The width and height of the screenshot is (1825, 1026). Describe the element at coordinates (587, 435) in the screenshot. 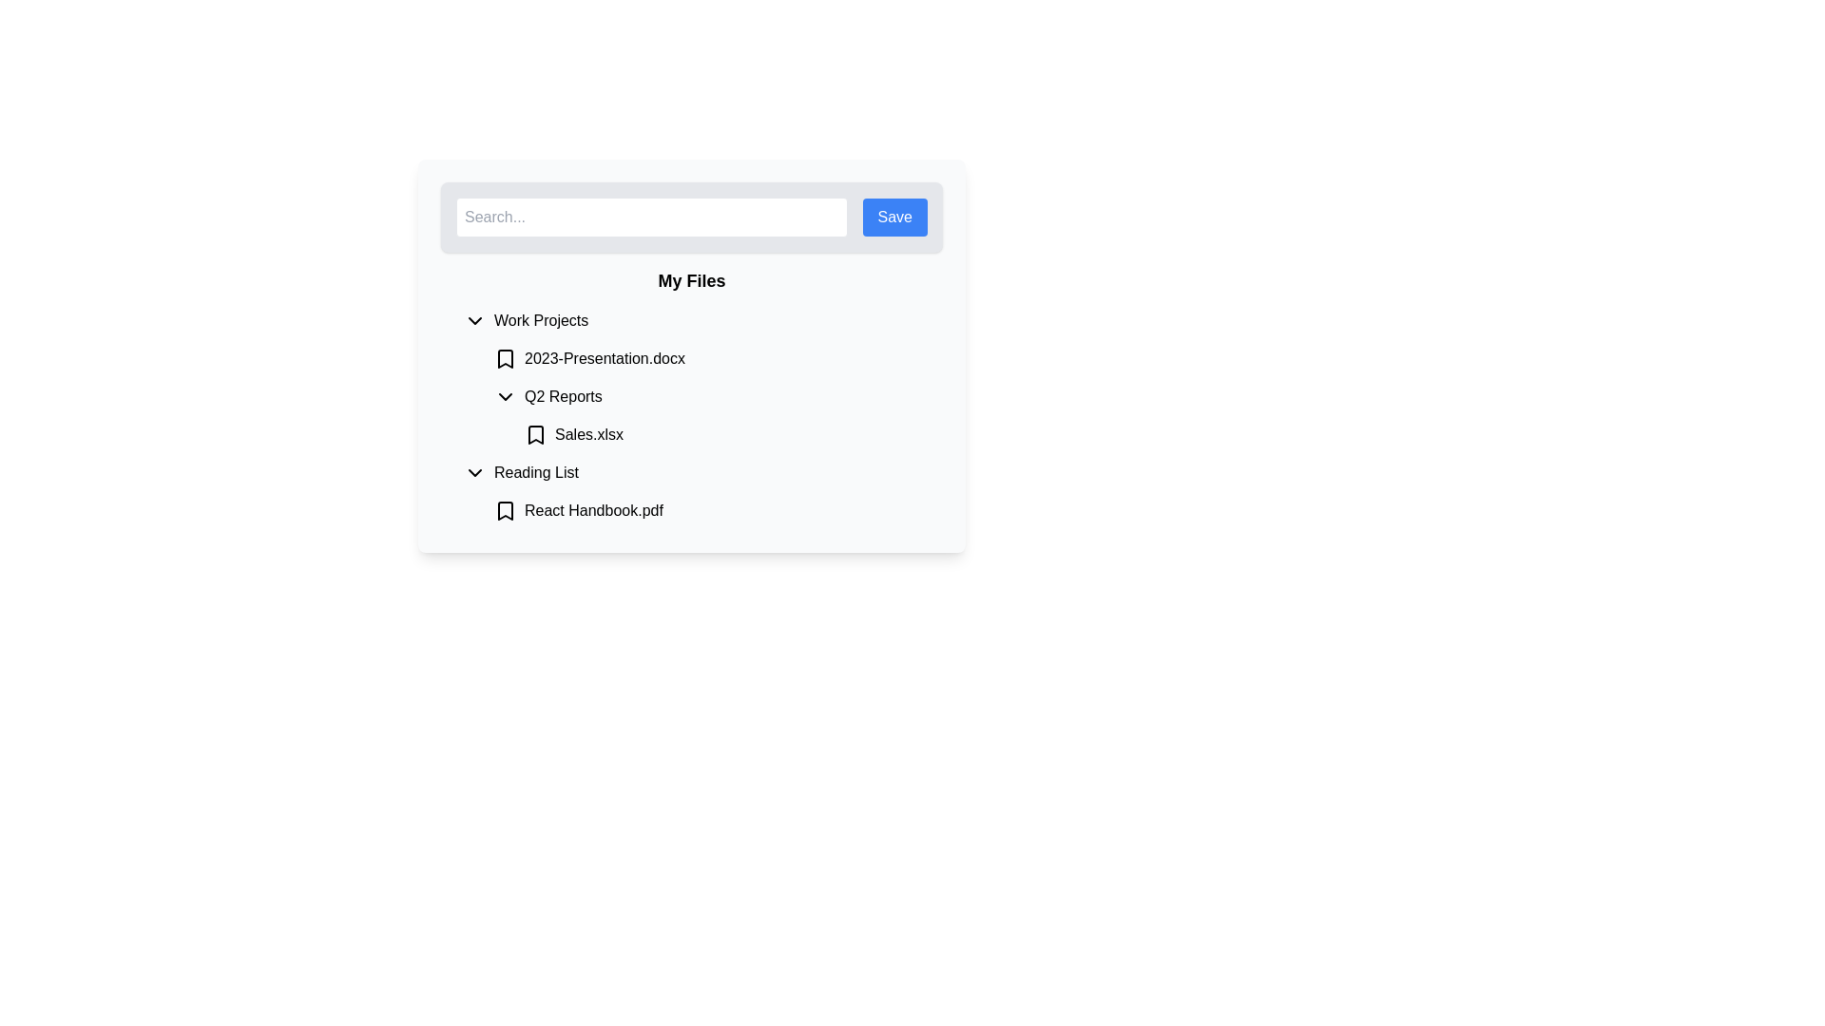

I see `the text label displaying 'Sales.xlsx'` at that location.